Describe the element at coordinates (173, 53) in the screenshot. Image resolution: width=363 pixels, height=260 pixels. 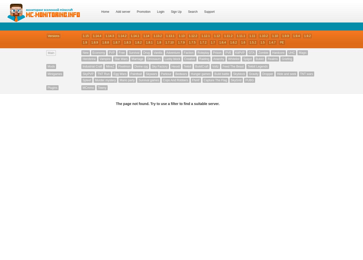
I see `'Adventure'` at that location.